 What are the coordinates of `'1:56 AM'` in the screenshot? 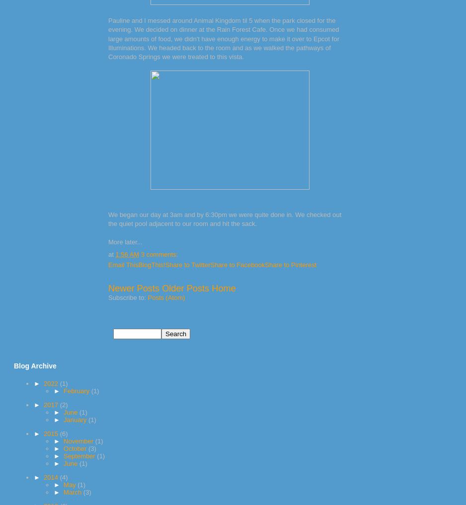 It's located at (126, 254).